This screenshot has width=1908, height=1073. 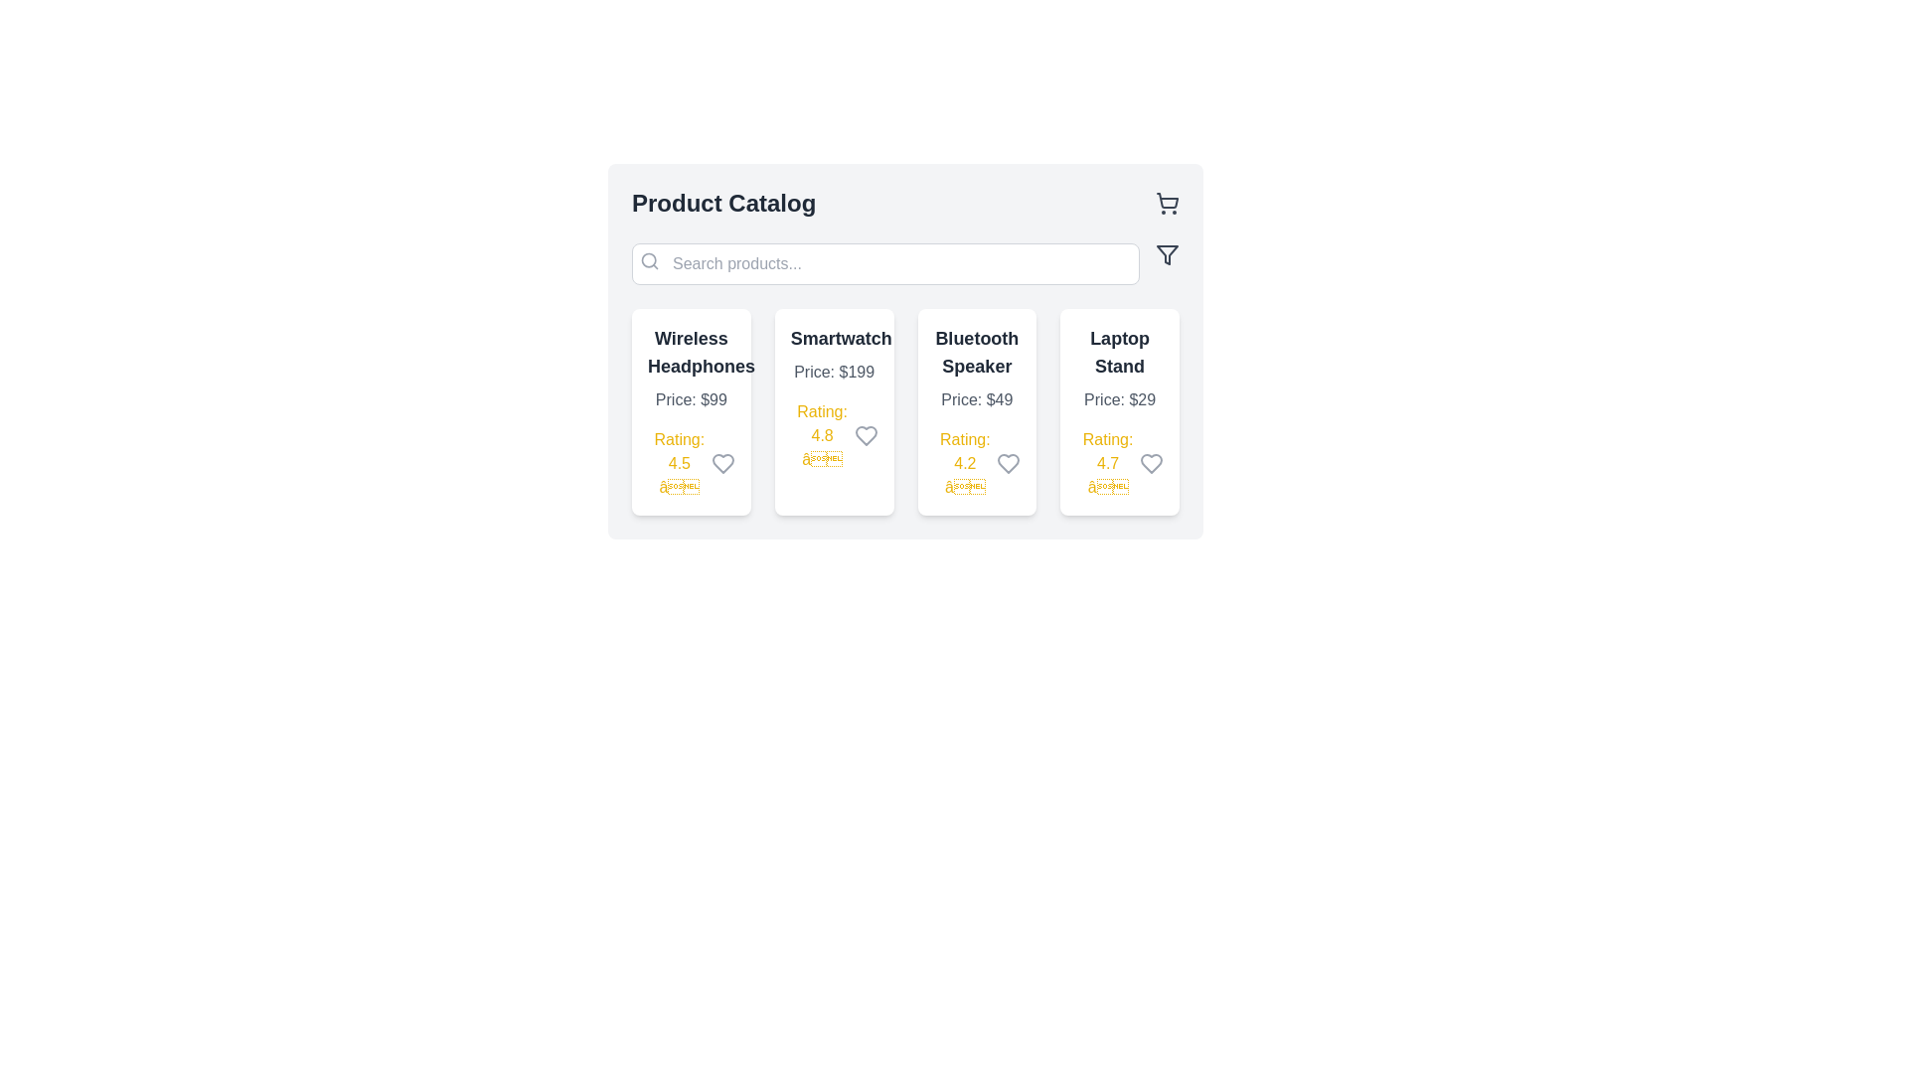 I want to click on the shopping cart icon located at the far right side of the header area labeled 'Product Catalog', so click(x=1168, y=203).